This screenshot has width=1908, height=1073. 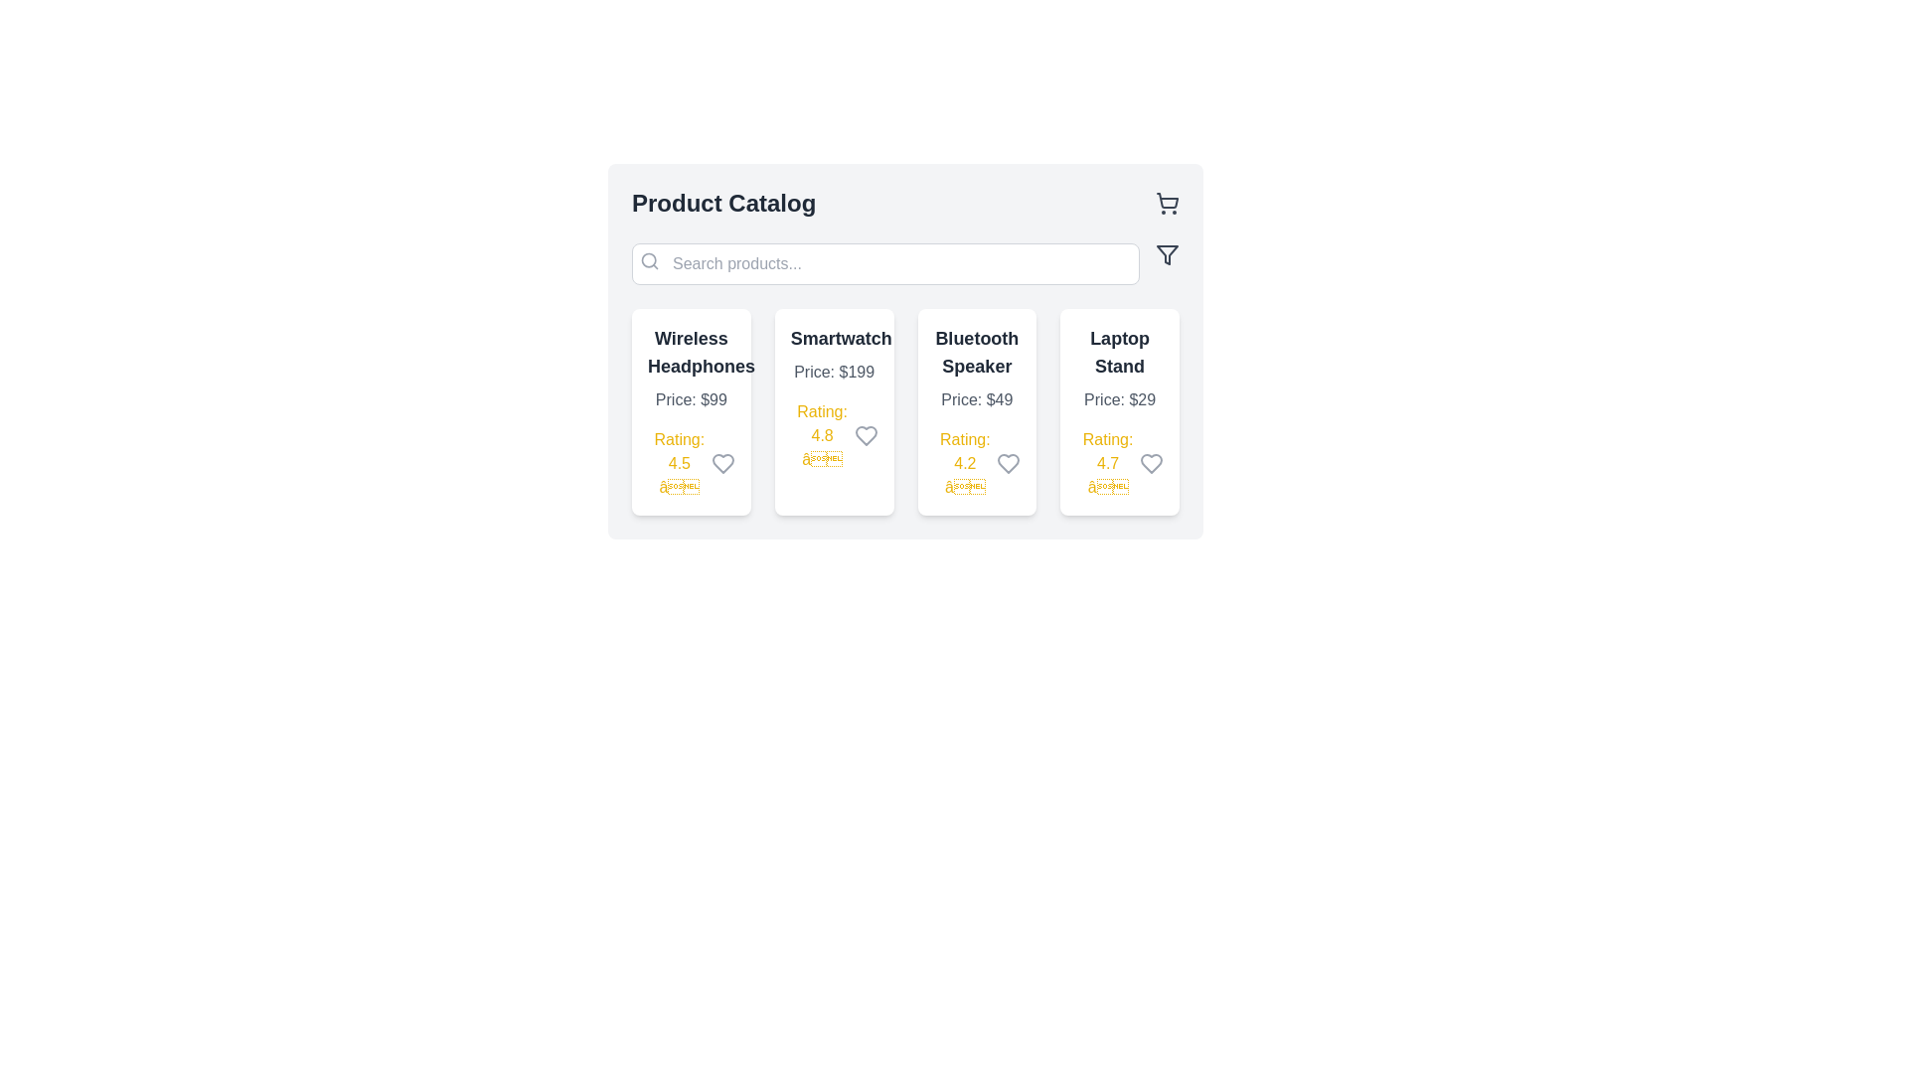 I want to click on the shopping cart icon located at the far right side of the header area labeled 'Product Catalog', so click(x=1168, y=203).